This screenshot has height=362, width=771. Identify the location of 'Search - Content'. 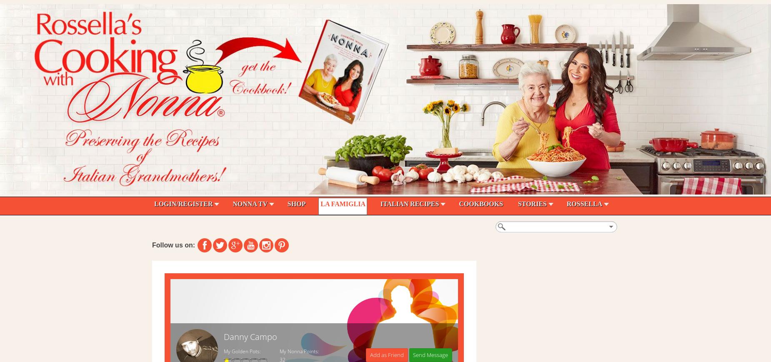
(180, 222).